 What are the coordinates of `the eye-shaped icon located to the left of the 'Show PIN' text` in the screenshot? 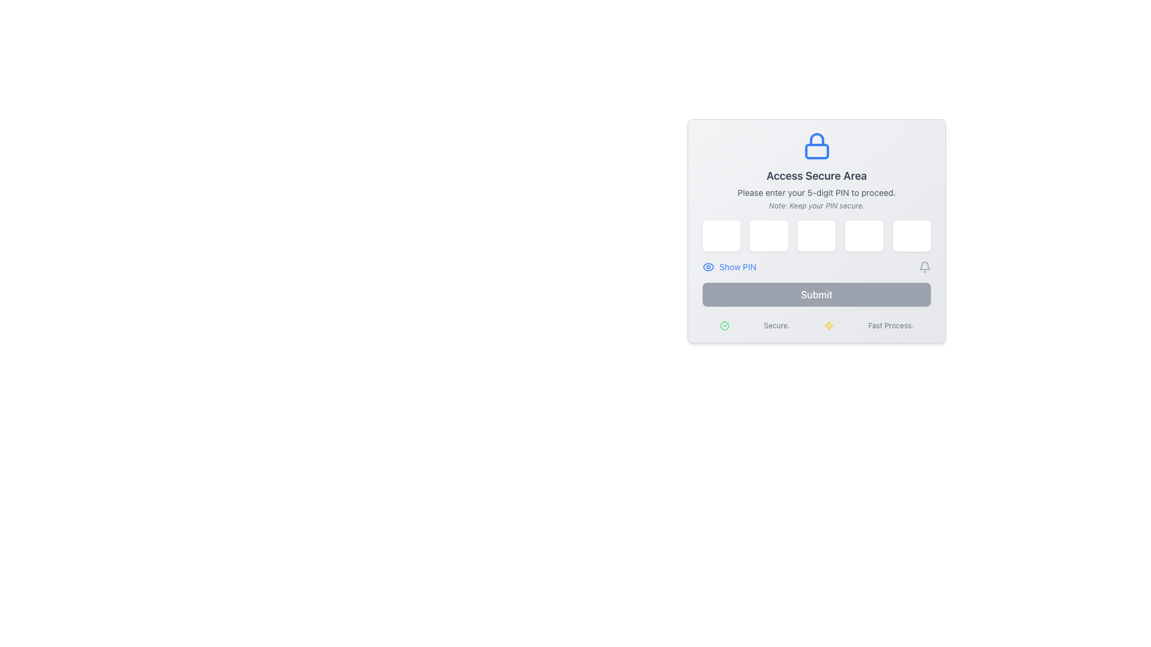 It's located at (708, 267).